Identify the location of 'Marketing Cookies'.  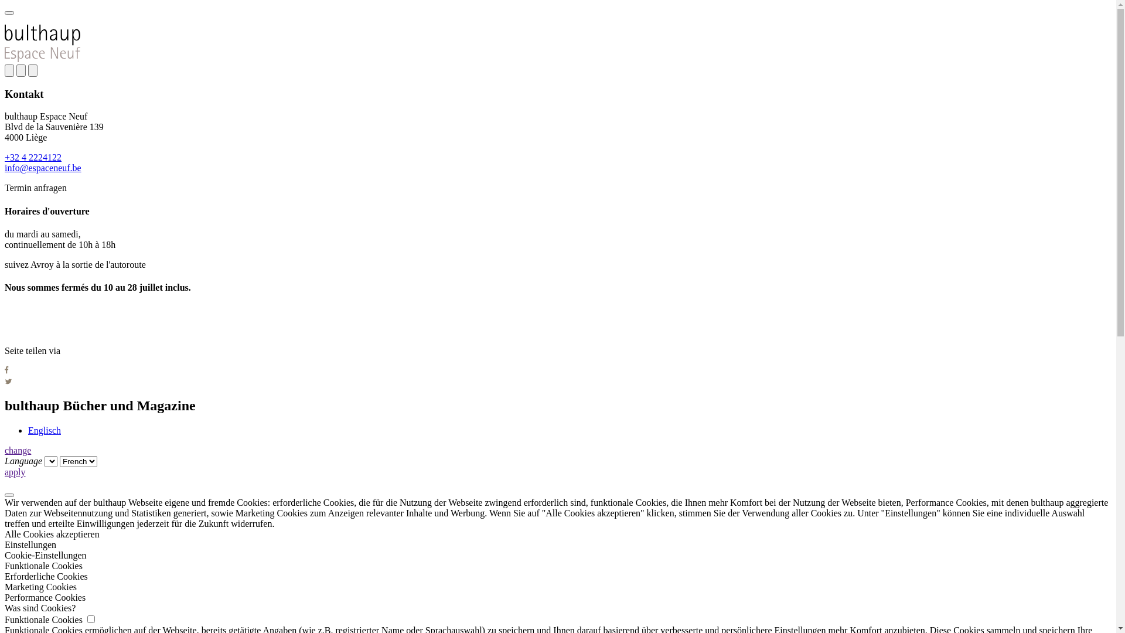
(557, 587).